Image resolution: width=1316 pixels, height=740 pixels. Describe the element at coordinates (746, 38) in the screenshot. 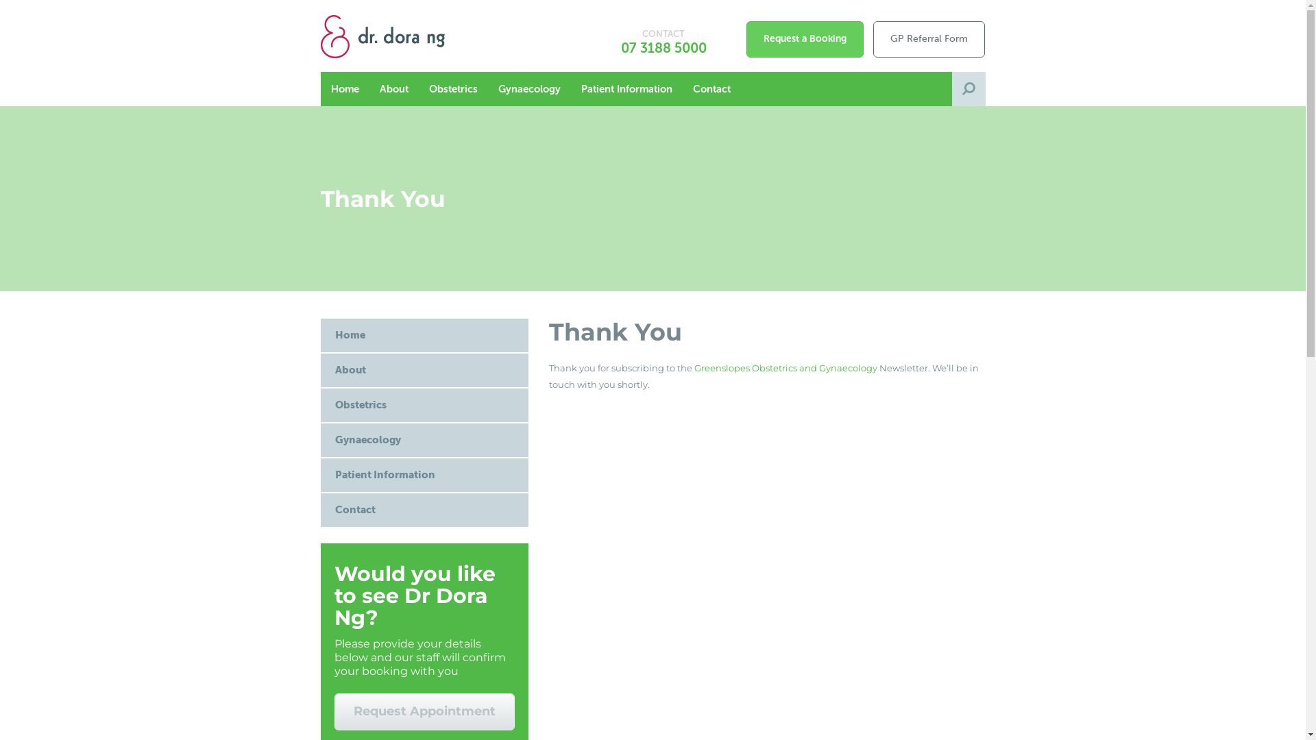

I see `'Request a Booking'` at that location.